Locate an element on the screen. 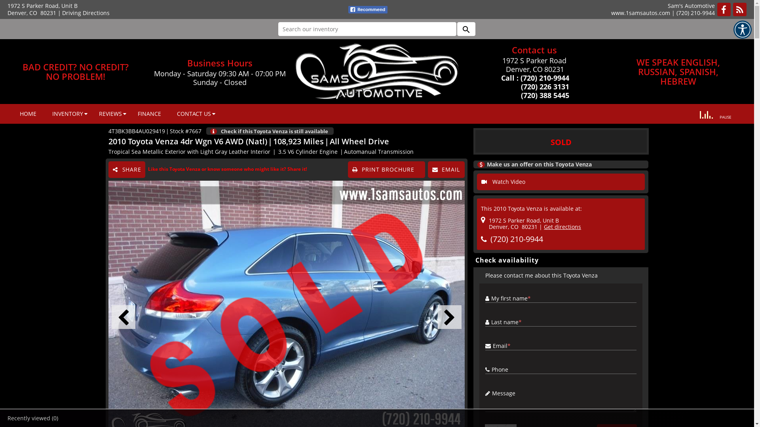  'Driving Directions' is located at coordinates (85, 13).